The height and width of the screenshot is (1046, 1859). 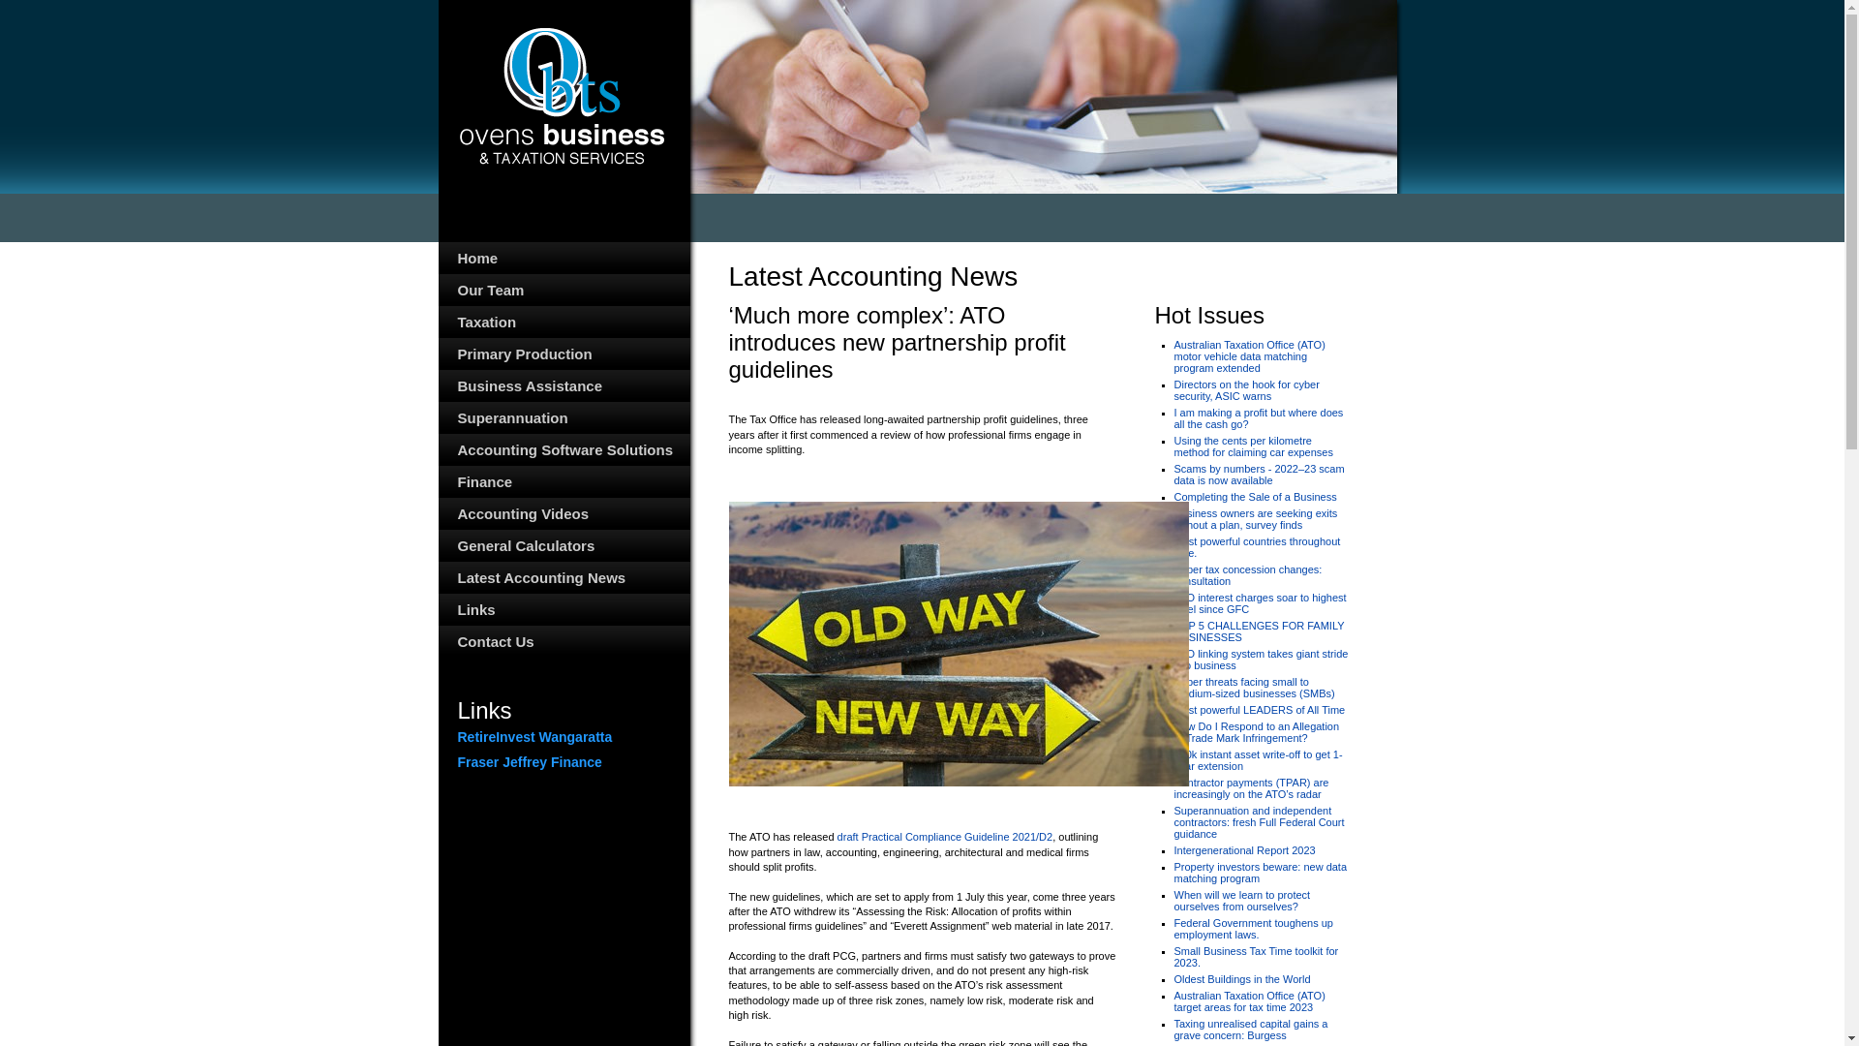 I want to click on 'Small Business Tax Time toolkit for 2023.', so click(x=1255, y=955).